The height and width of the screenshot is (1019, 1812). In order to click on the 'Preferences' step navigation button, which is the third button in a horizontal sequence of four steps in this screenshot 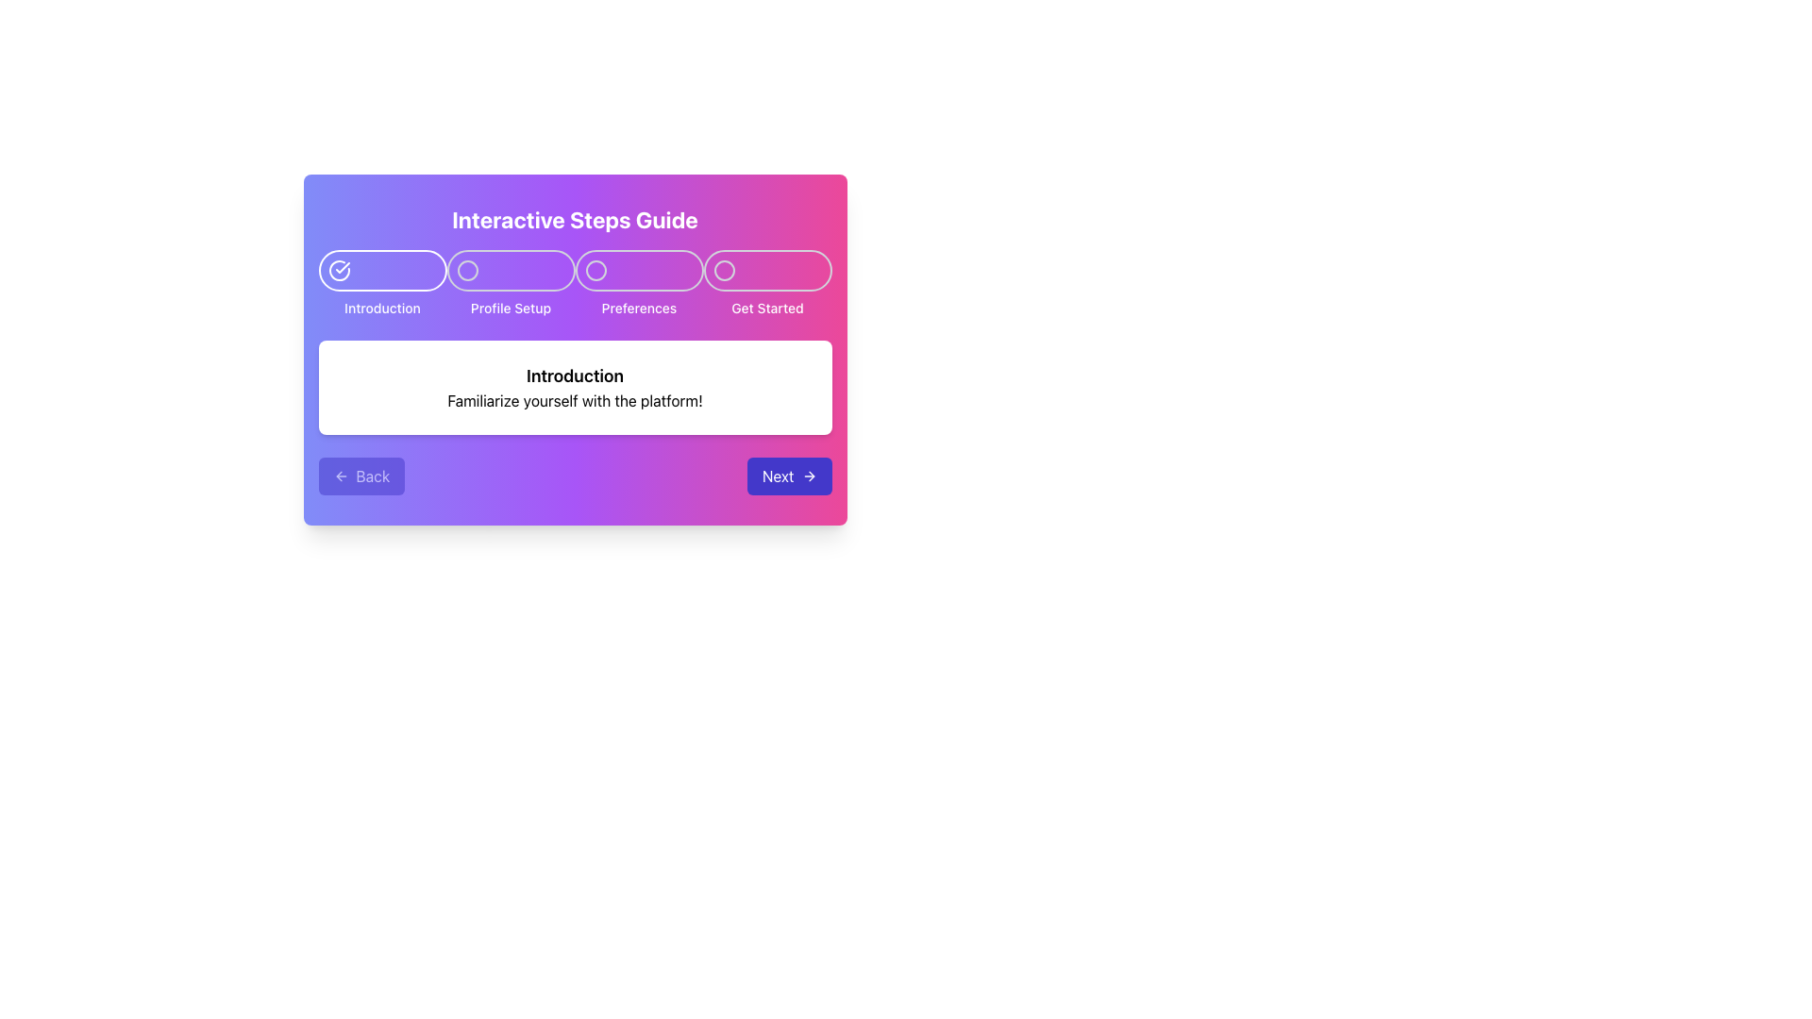, I will do `click(639, 283)`.